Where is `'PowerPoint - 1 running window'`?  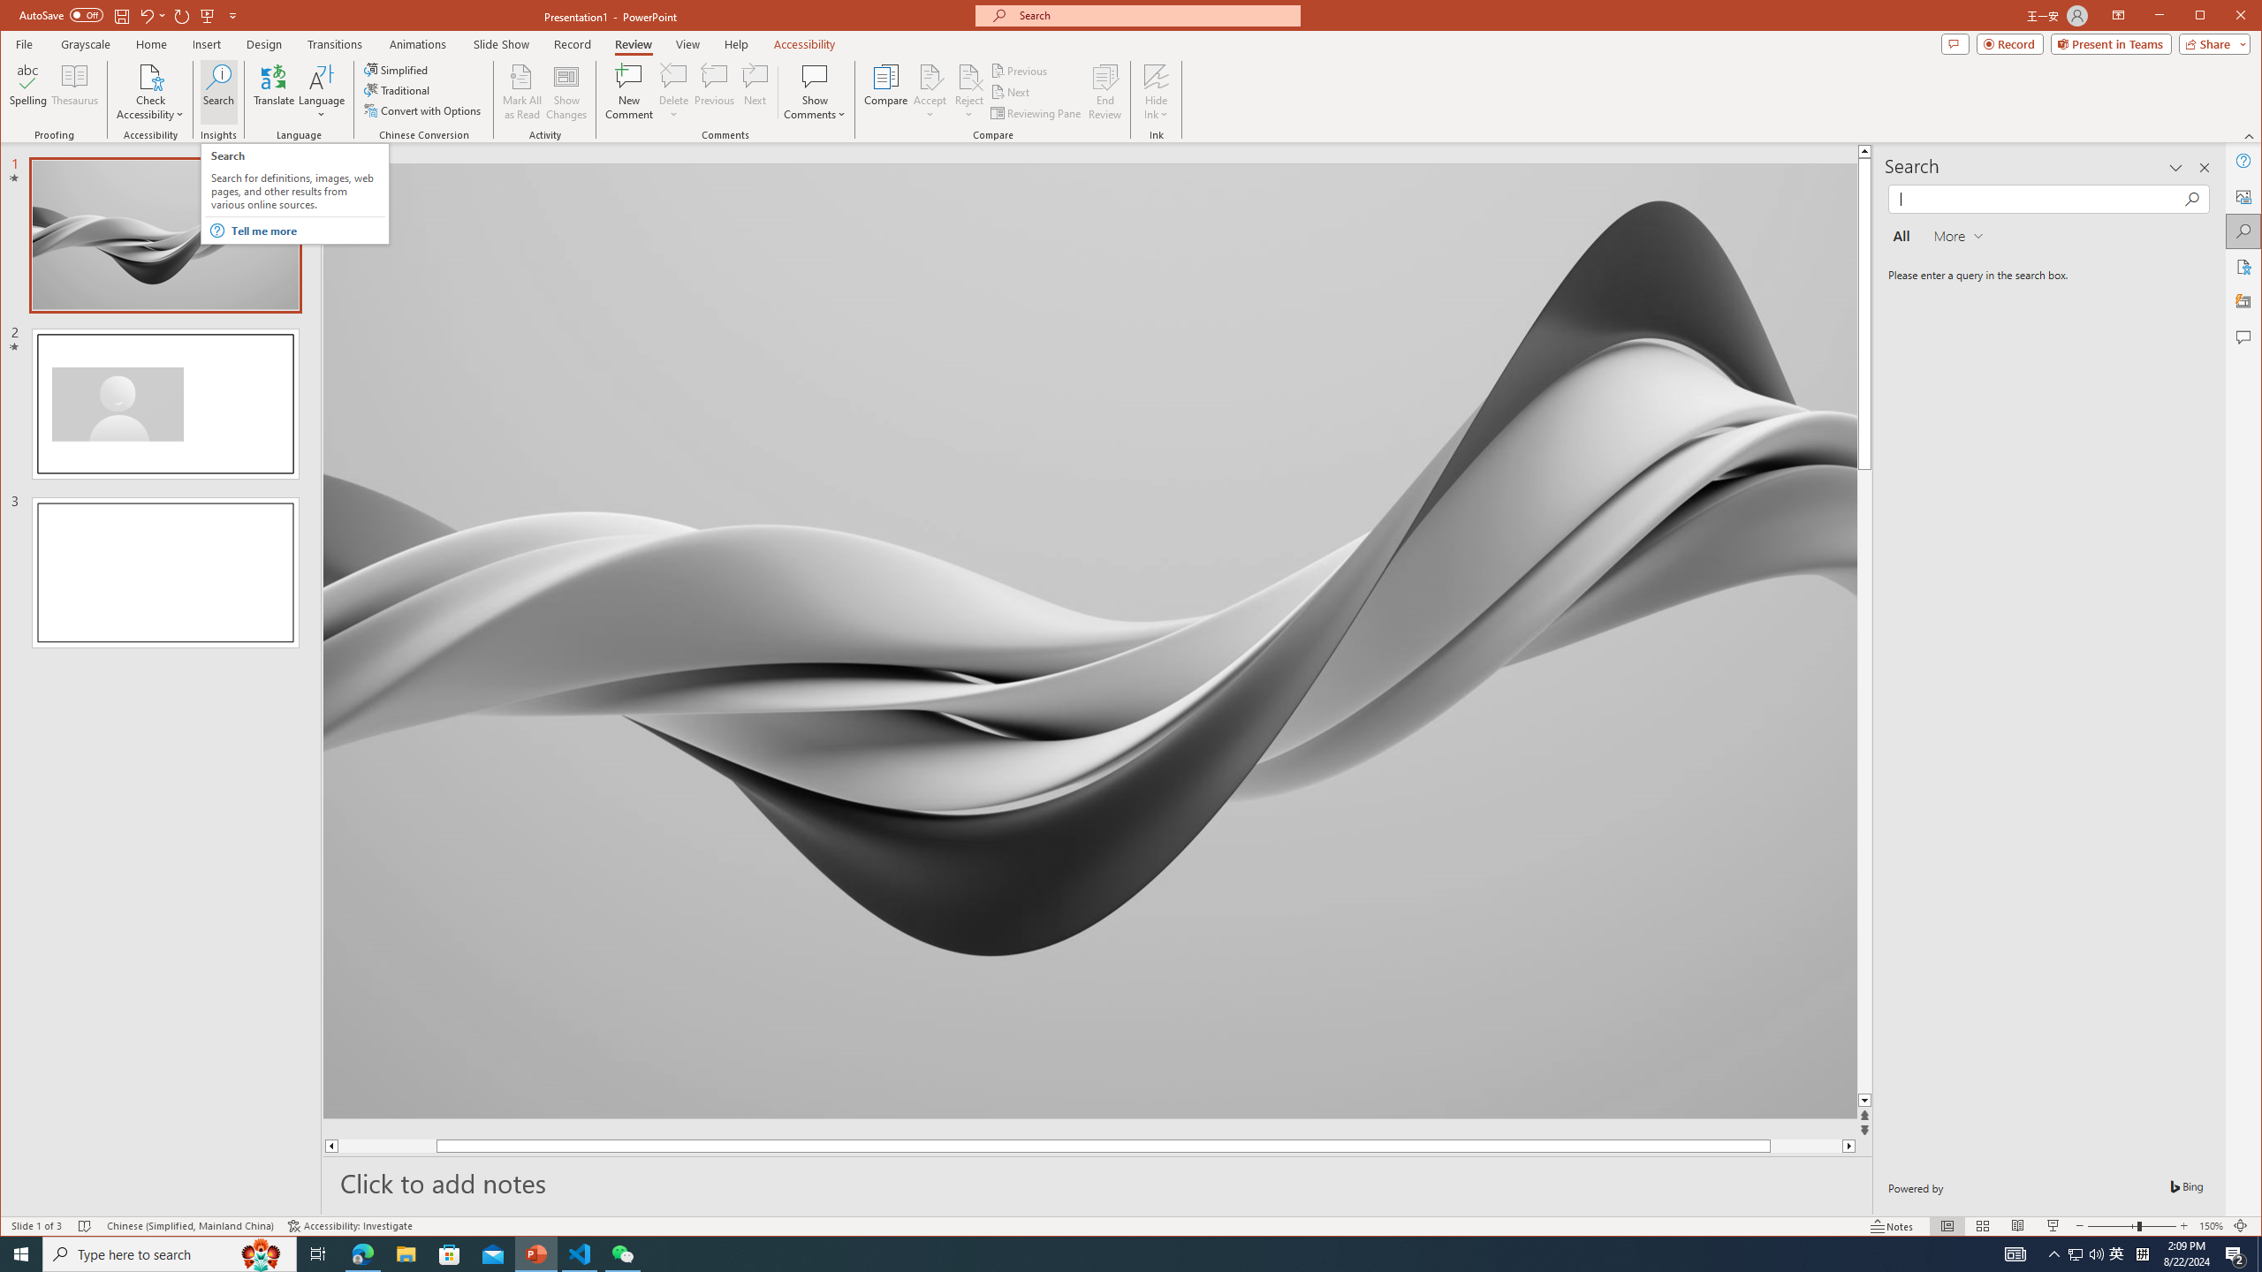
'PowerPoint - 1 running window' is located at coordinates (536, 1253).